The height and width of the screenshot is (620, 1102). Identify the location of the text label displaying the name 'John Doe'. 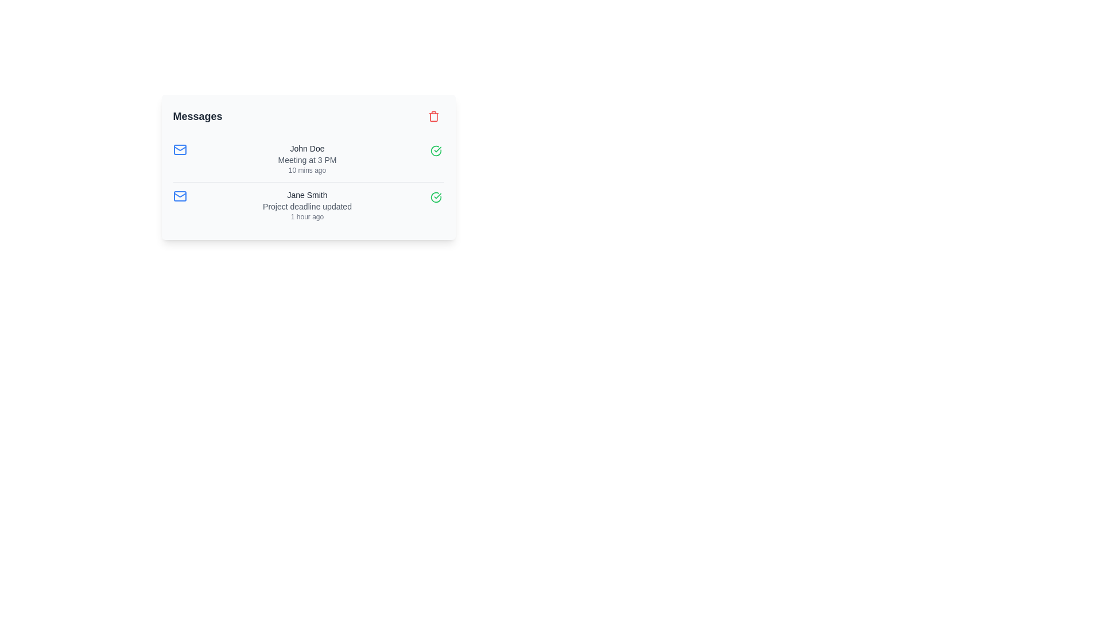
(307, 148).